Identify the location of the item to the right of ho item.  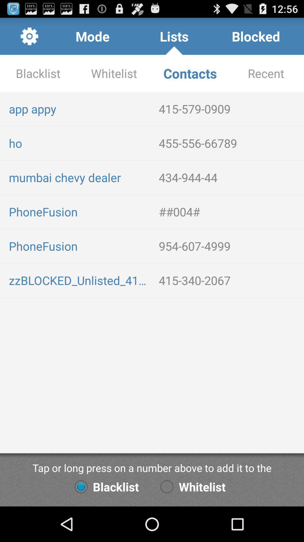
(229, 143).